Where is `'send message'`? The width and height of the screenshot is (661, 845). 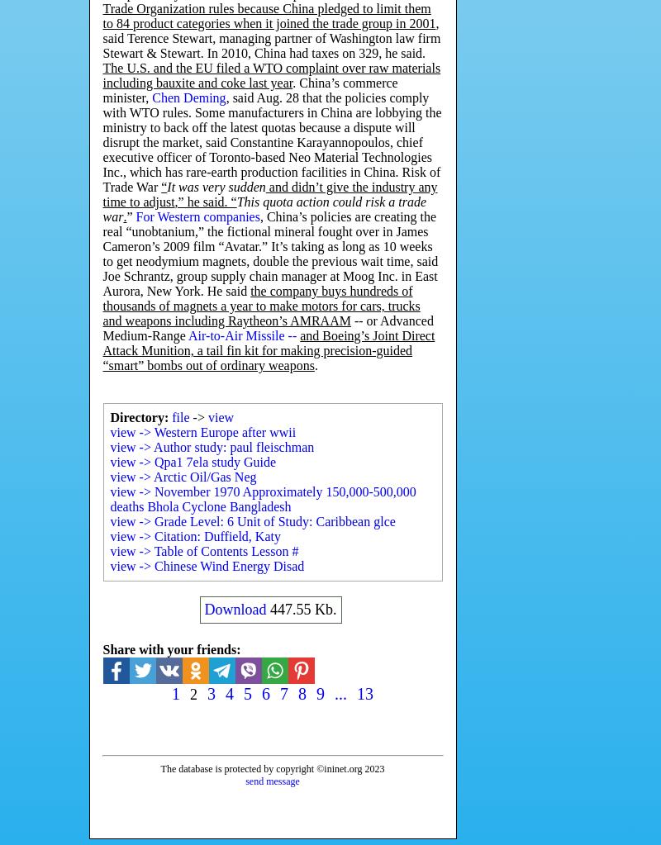 'send message' is located at coordinates (271, 781).